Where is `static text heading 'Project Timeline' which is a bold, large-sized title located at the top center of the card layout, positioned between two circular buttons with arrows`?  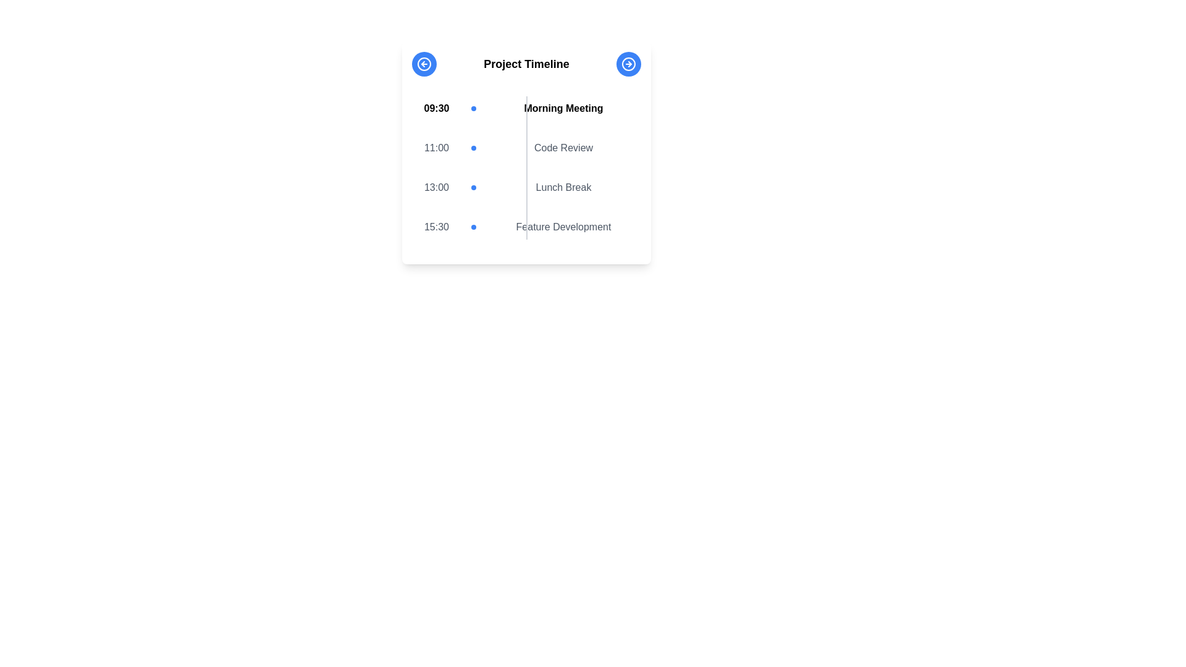
static text heading 'Project Timeline' which is a bold, large-sized title located at the top center of the card layout, positioned between two circular buttons with arrows is located at coordinates (526, 64).